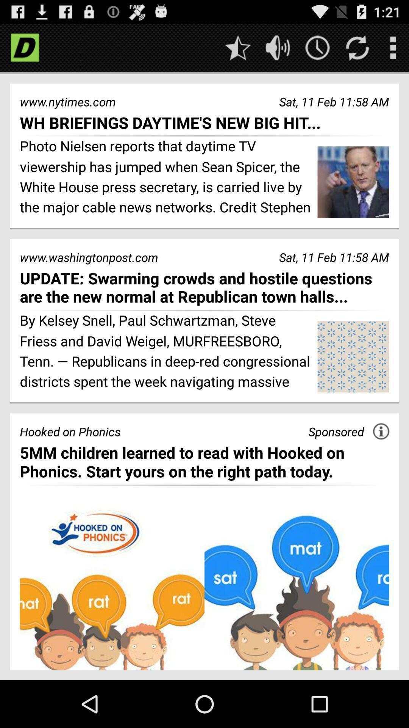 This screenshot has width=409, height=728. Describe the element at coordinates (237, 47) in the screenshot. I see `bookmark this page` at that location.